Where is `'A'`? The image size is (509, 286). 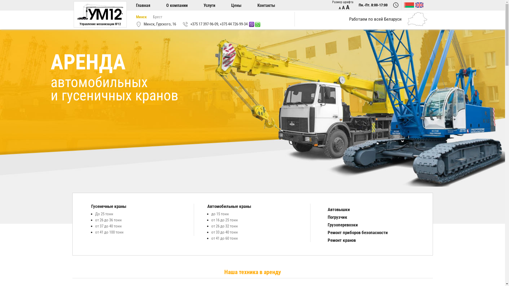
'A' is located at coordinates (347, 7).